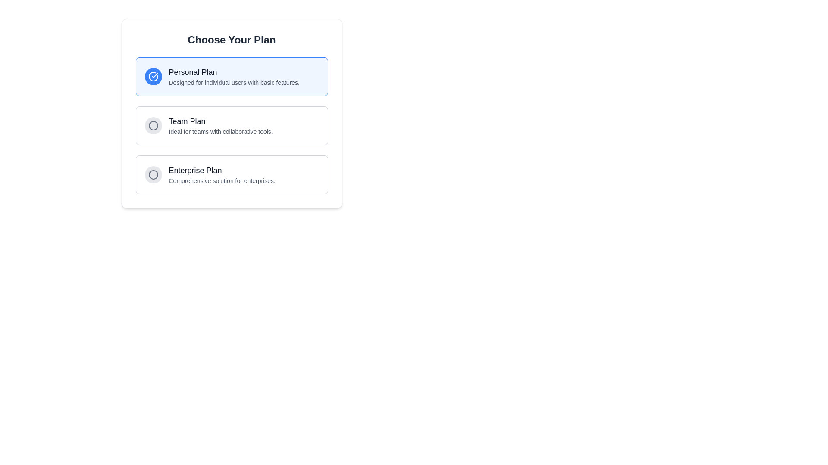  Describe the element at coordinates (153, 126) in the screenshot. I see `the circular icon with a gray background and outline, located to the left of the text 'Team Plan' in the second option row` at that location.